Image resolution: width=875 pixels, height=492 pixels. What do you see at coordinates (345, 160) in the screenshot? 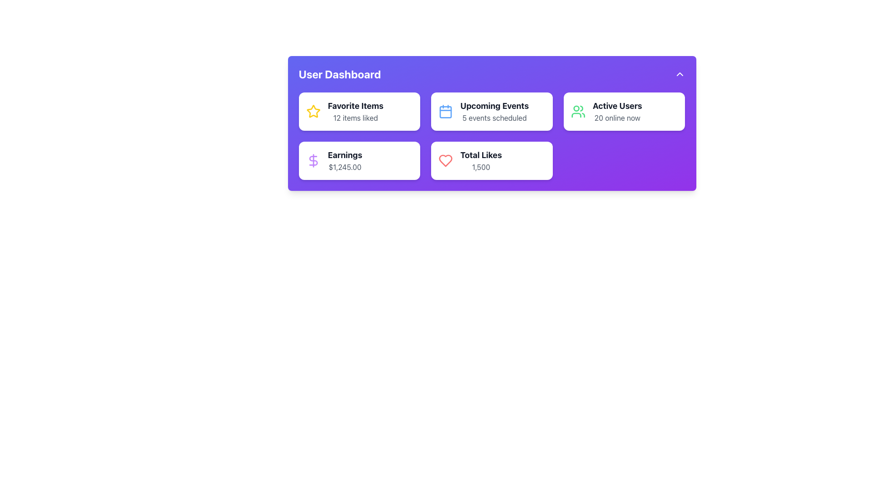
I see `the text-based information display showing 'Earnings' and '$1,245.00', located in the bottom-left corner of the dashboard card group` at bounding box center [345, 160].